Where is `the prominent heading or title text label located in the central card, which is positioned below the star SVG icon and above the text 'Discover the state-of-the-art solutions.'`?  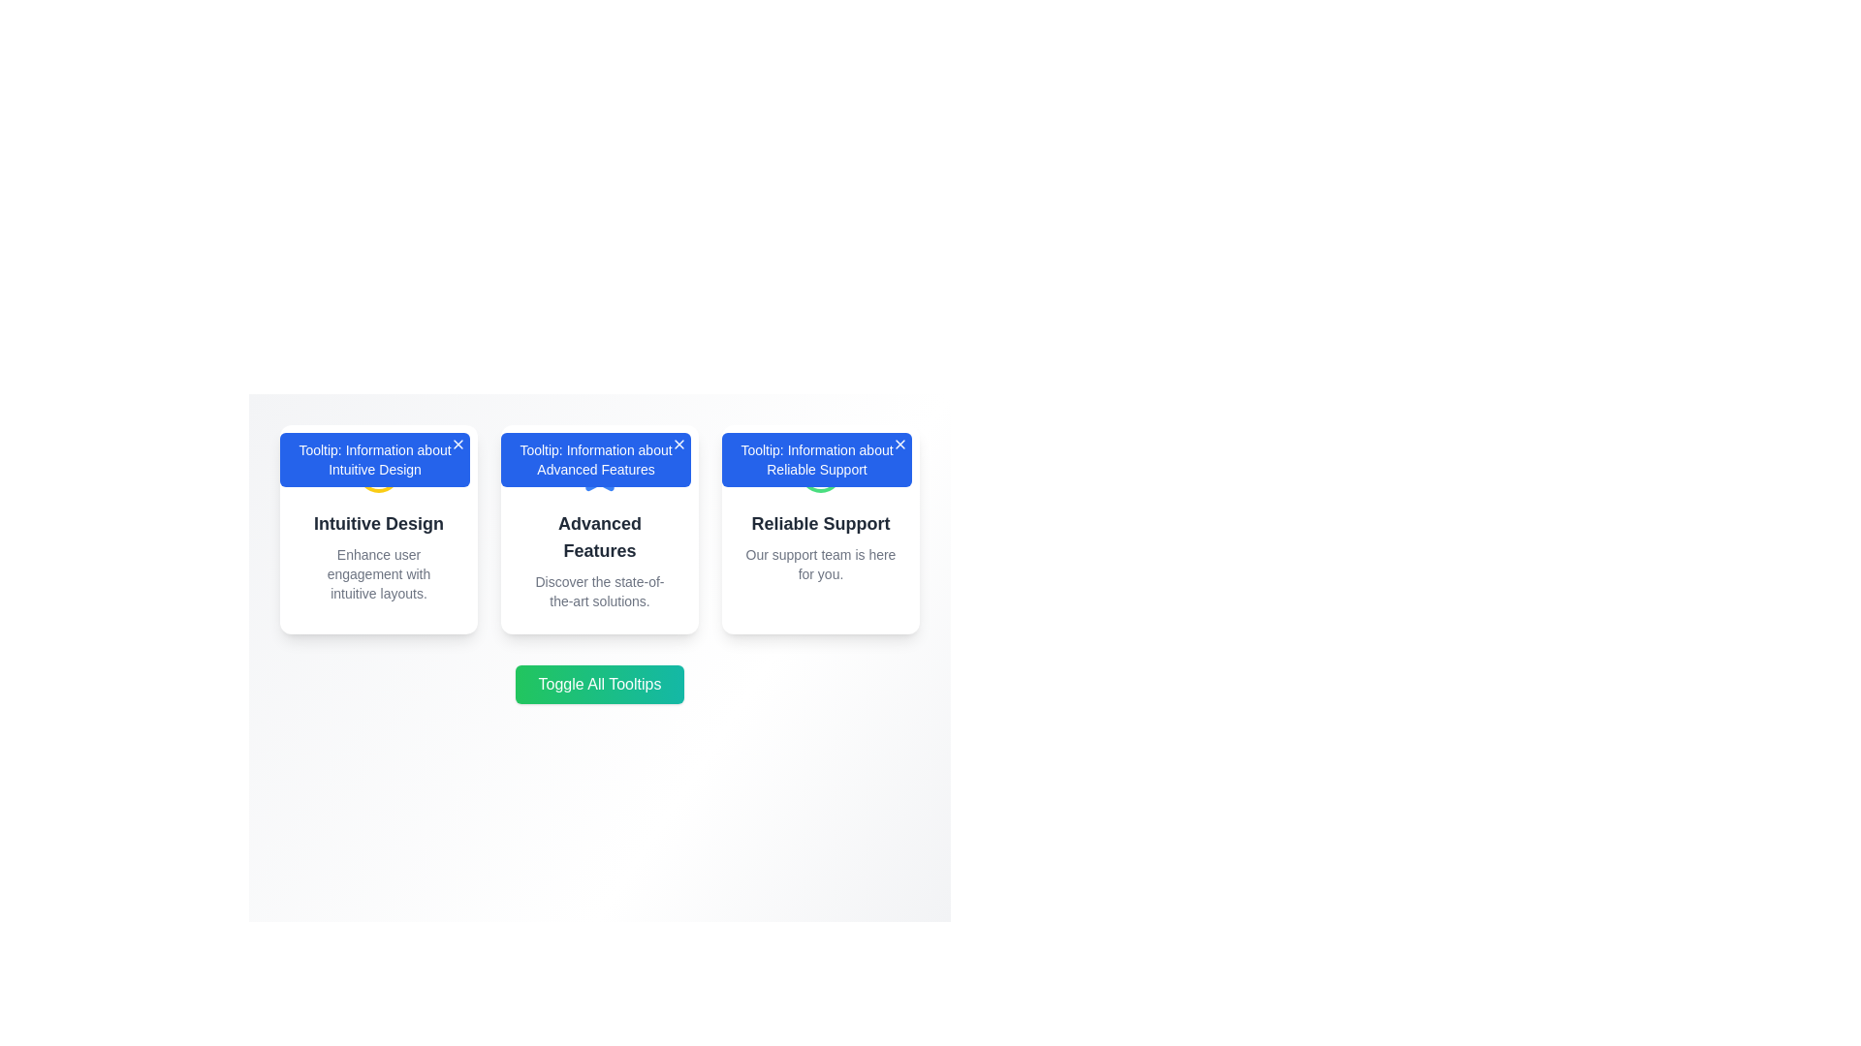 the prominent heading or title text label located in the central card, which is positioned below the star SVG icon and above the text 'Discover the state-of-the-art solutions.' is located at coordinates (599, 538).